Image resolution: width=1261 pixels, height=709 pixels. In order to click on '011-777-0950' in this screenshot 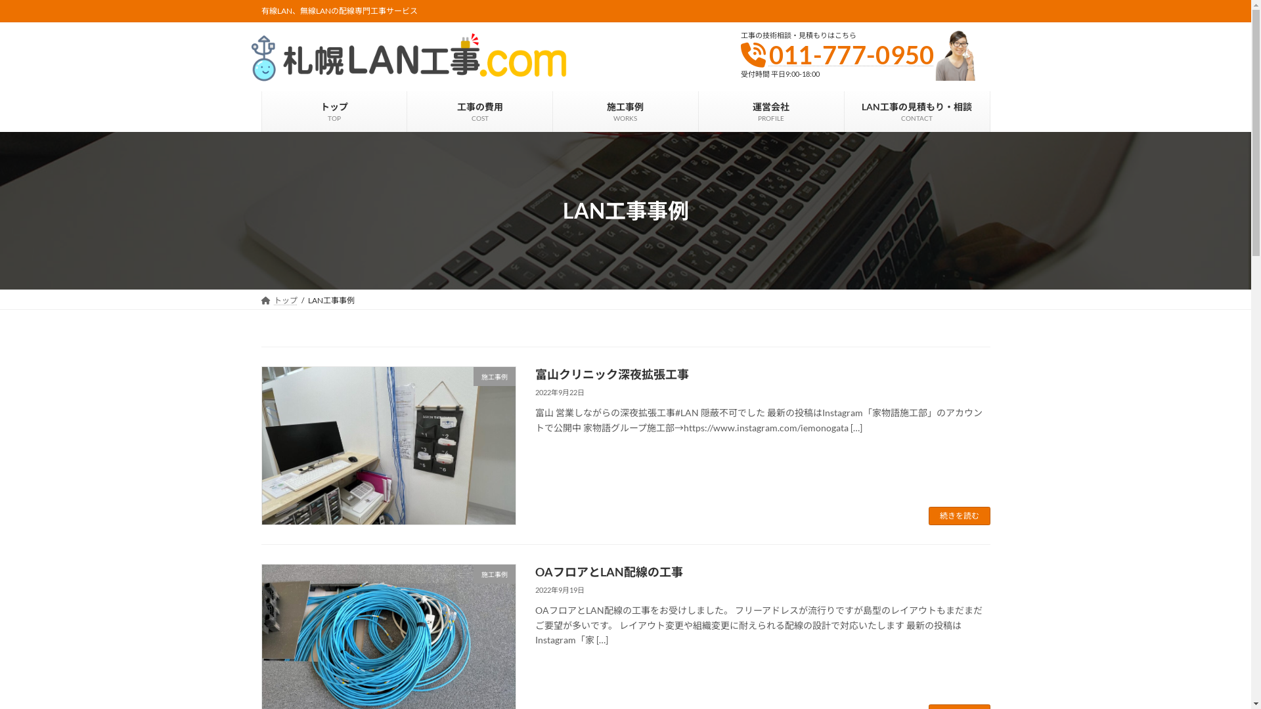, I will do `click(769, 54)`.